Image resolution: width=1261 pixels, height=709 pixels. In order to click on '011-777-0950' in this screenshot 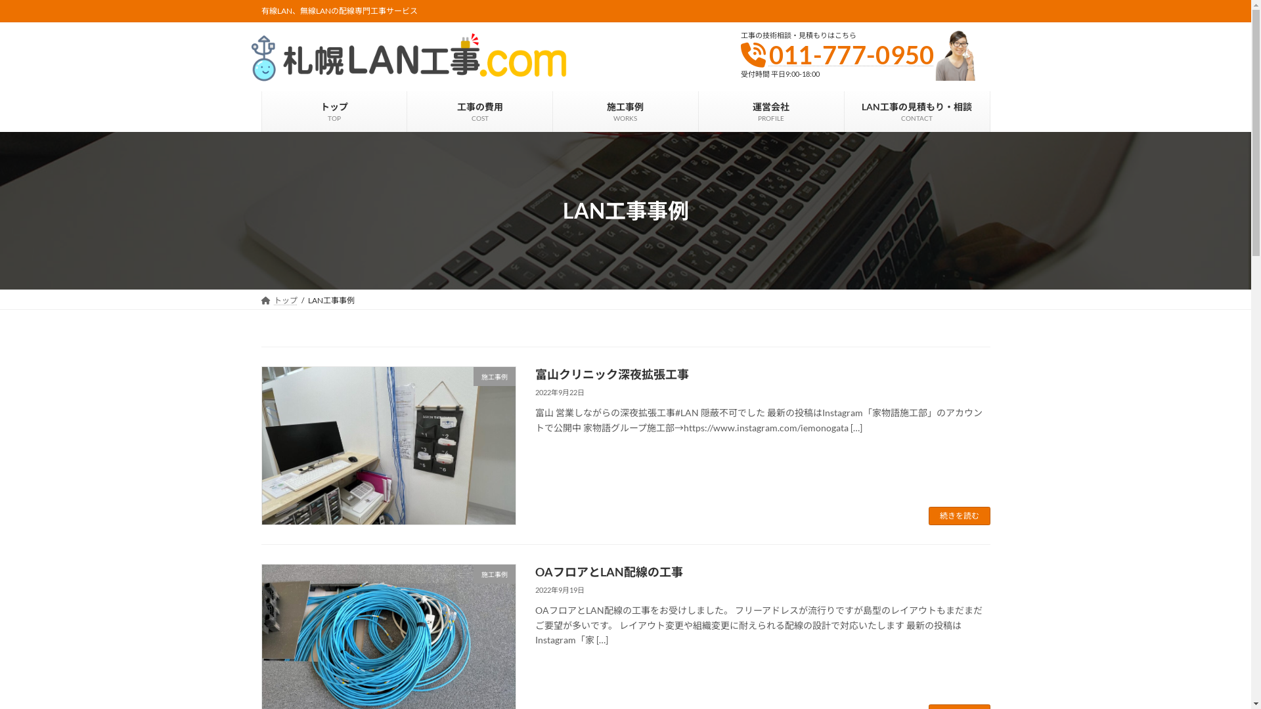, I will do `click(769, 54)`.